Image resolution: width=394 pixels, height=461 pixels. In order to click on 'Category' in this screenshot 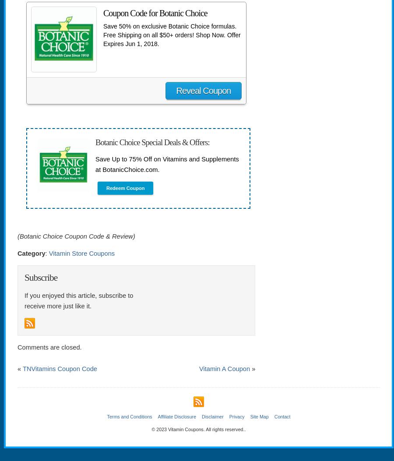, I will do `click(31, 253)`.